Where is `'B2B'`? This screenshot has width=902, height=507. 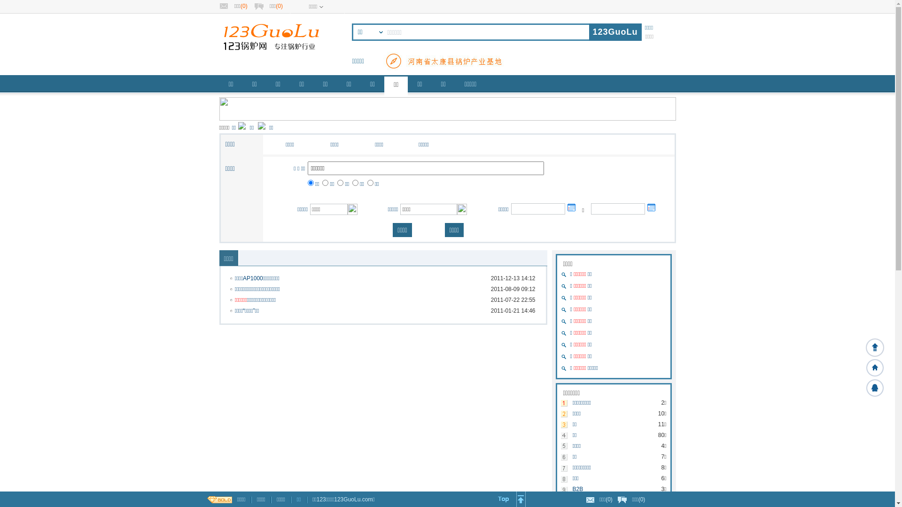
'B2B' is located at coordinates (572, 492).